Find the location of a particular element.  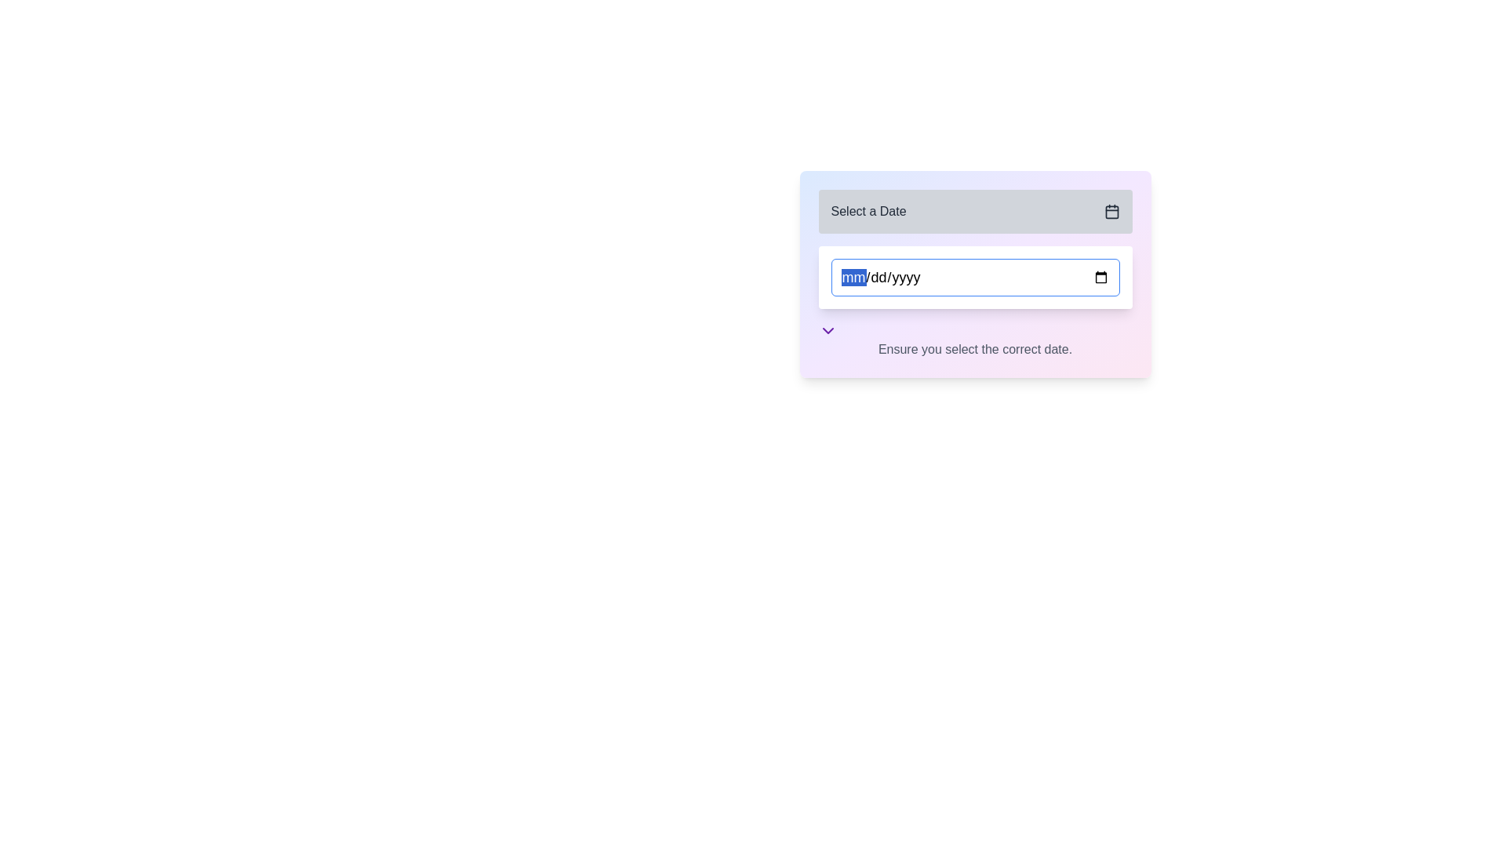

the calendar icon located at the far right end of the gray header bar labeled 'Select a Date' is located at coordinates (1111, 212).